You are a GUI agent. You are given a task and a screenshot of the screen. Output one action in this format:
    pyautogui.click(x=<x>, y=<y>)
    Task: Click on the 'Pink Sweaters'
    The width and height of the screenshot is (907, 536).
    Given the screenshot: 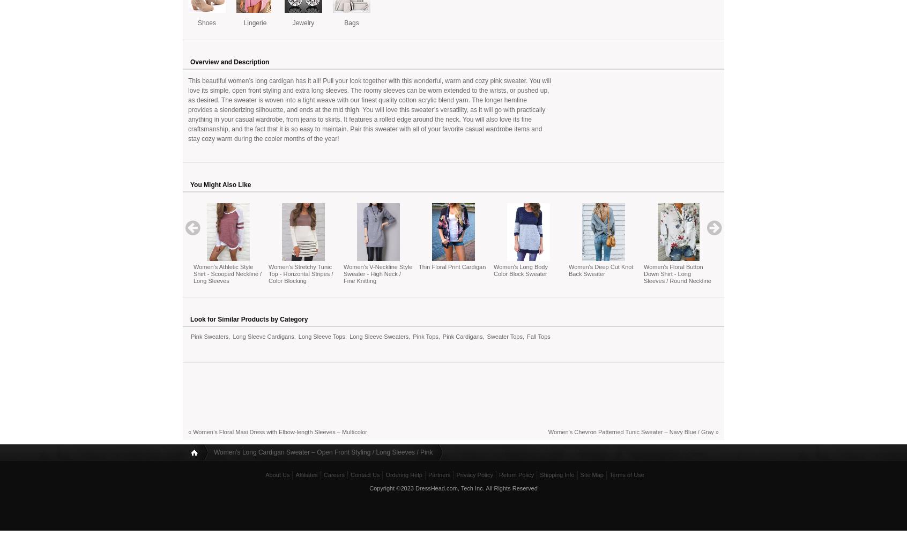 What is the action you would take?
    pyautogui.click(x=210, y=337)
    